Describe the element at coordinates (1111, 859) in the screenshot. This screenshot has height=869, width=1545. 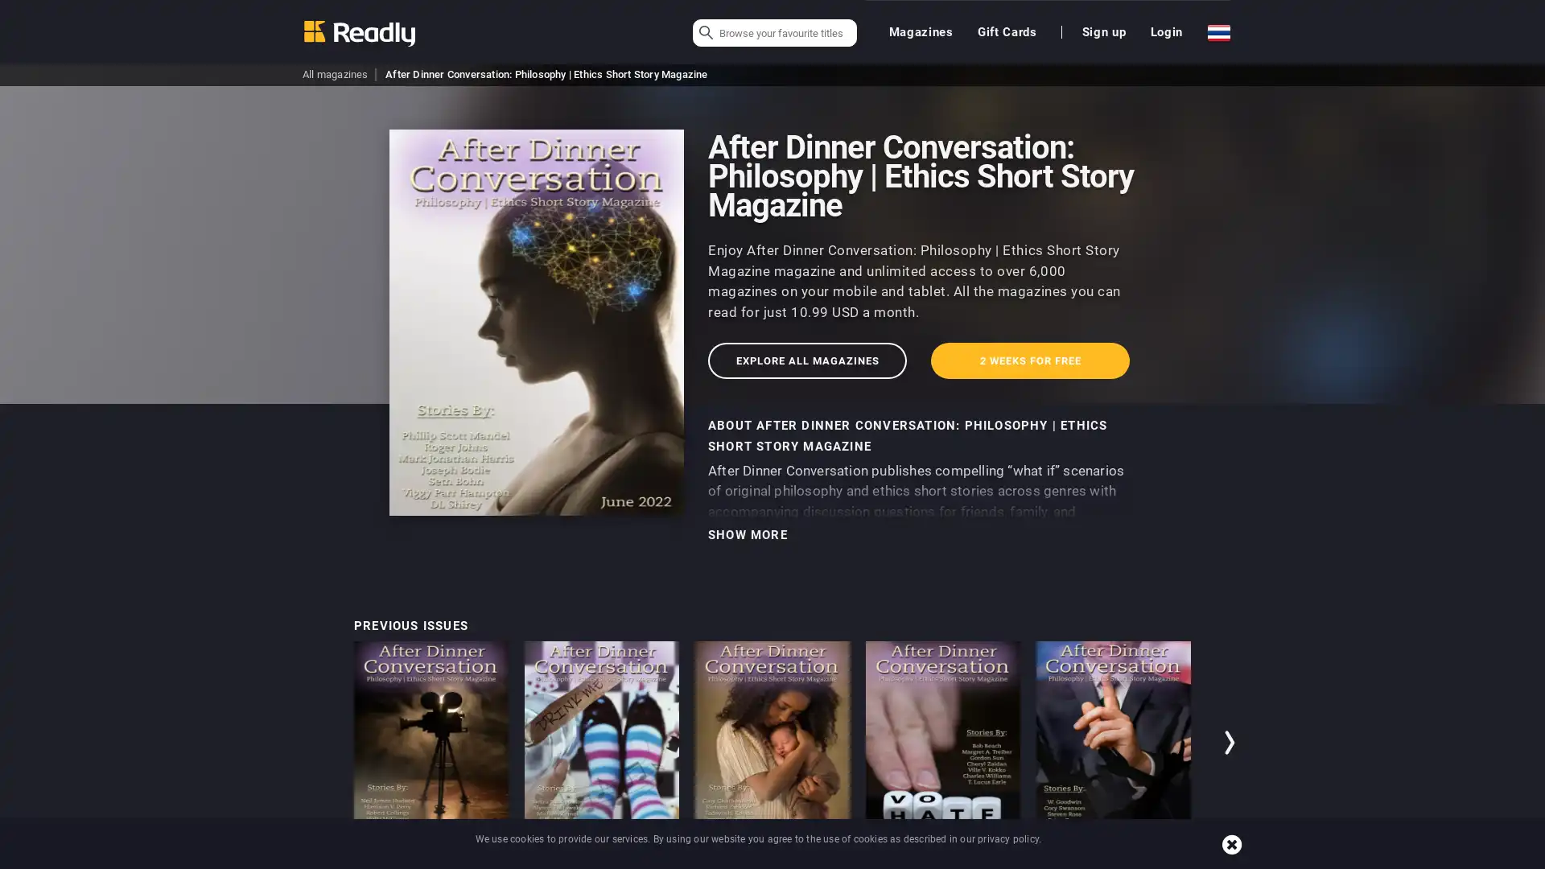
I see `2` at that location.